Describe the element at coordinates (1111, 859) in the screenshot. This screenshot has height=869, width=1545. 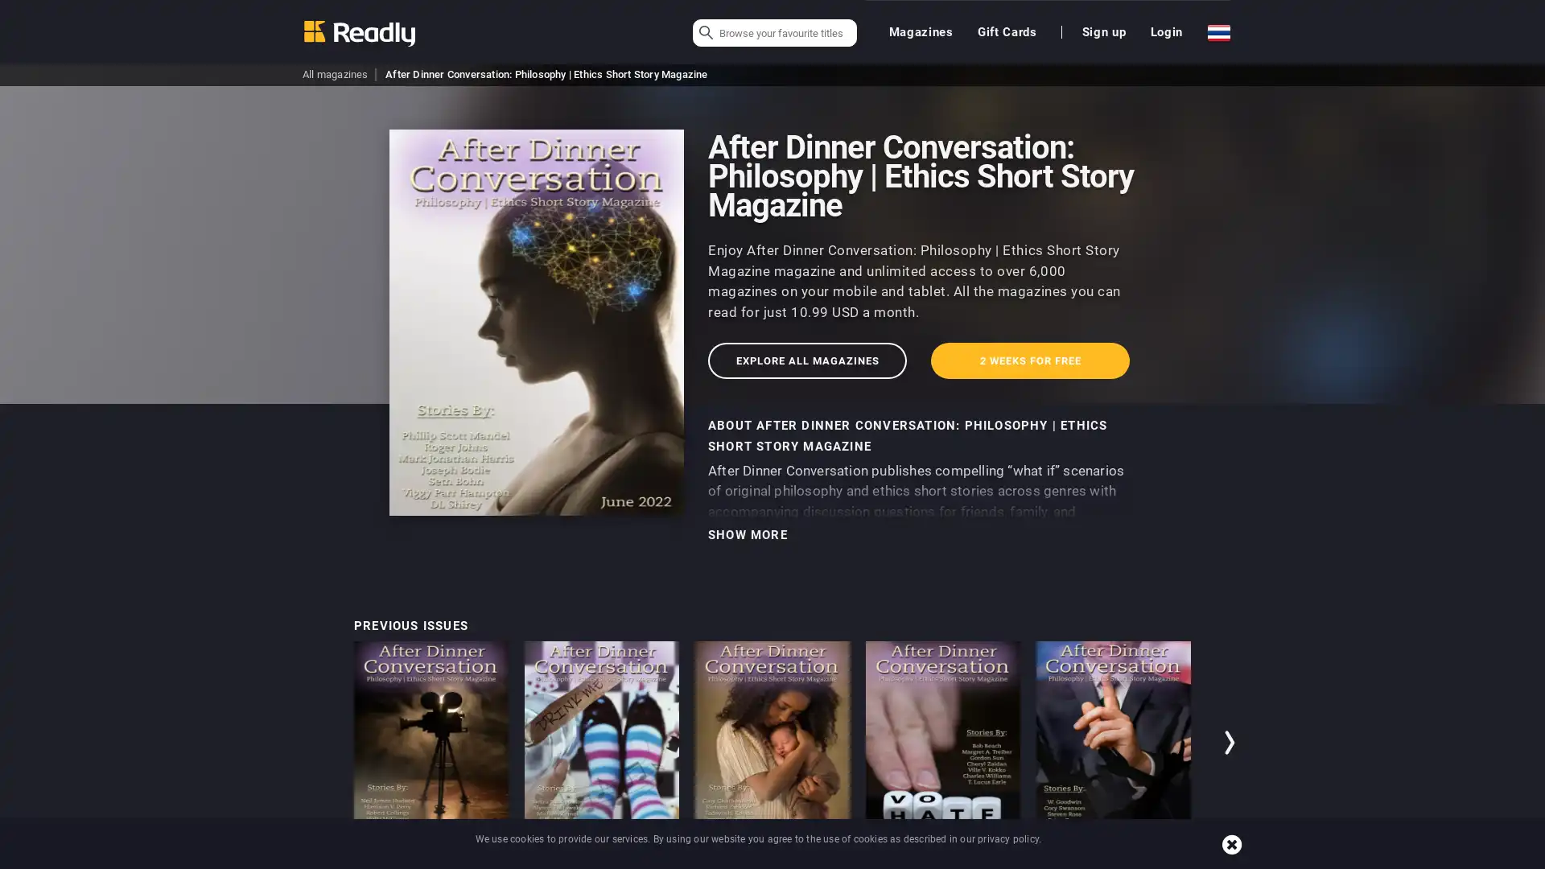
I see `2` at that location.